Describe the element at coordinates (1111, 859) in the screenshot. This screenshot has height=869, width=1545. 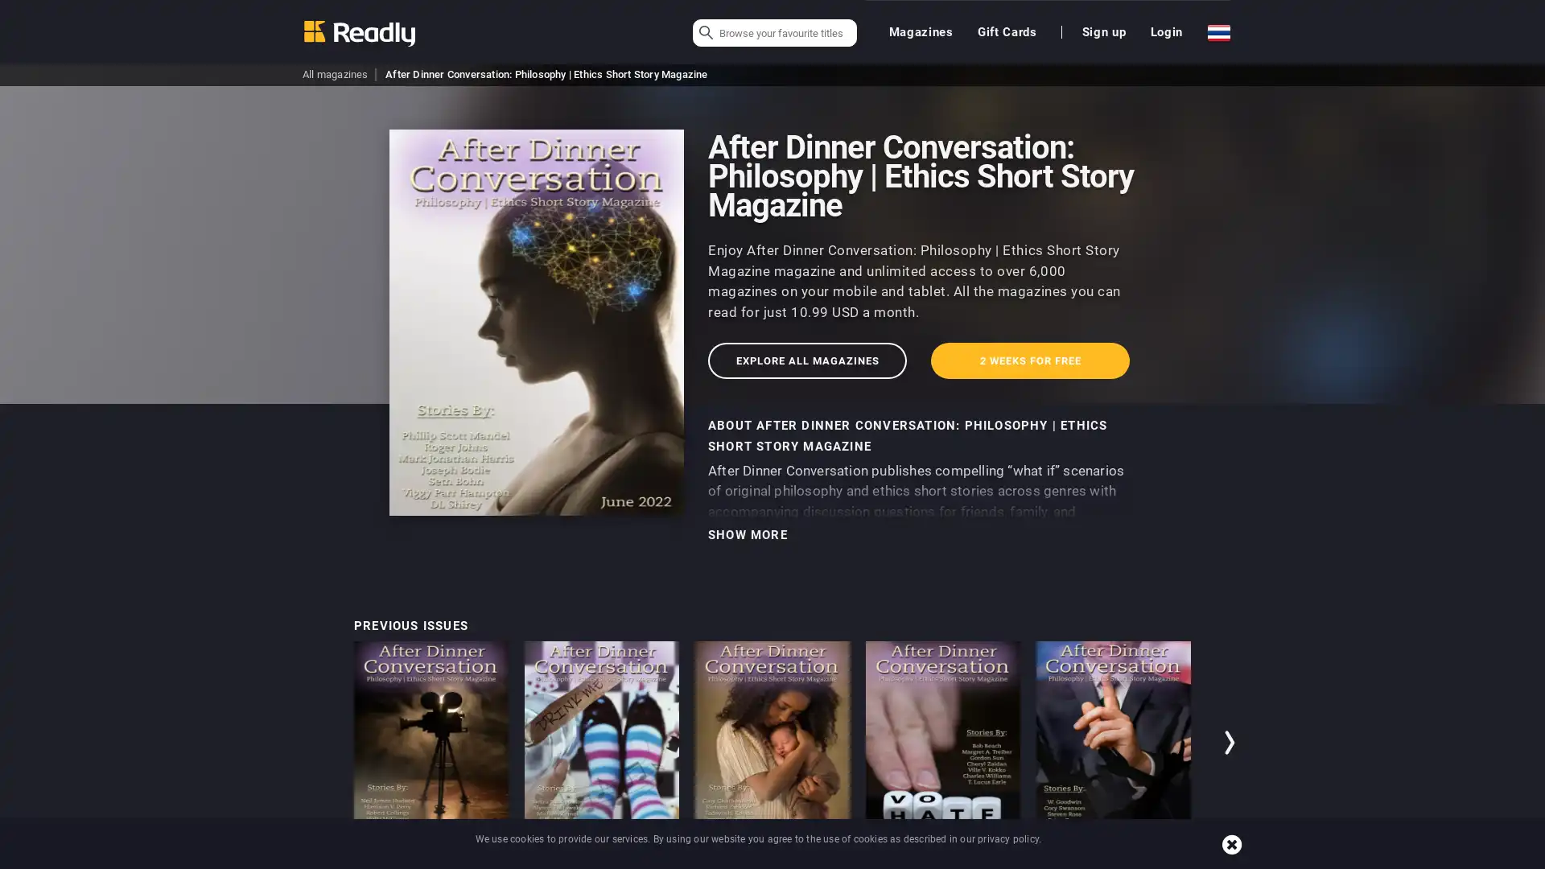
I see `2` at that location.